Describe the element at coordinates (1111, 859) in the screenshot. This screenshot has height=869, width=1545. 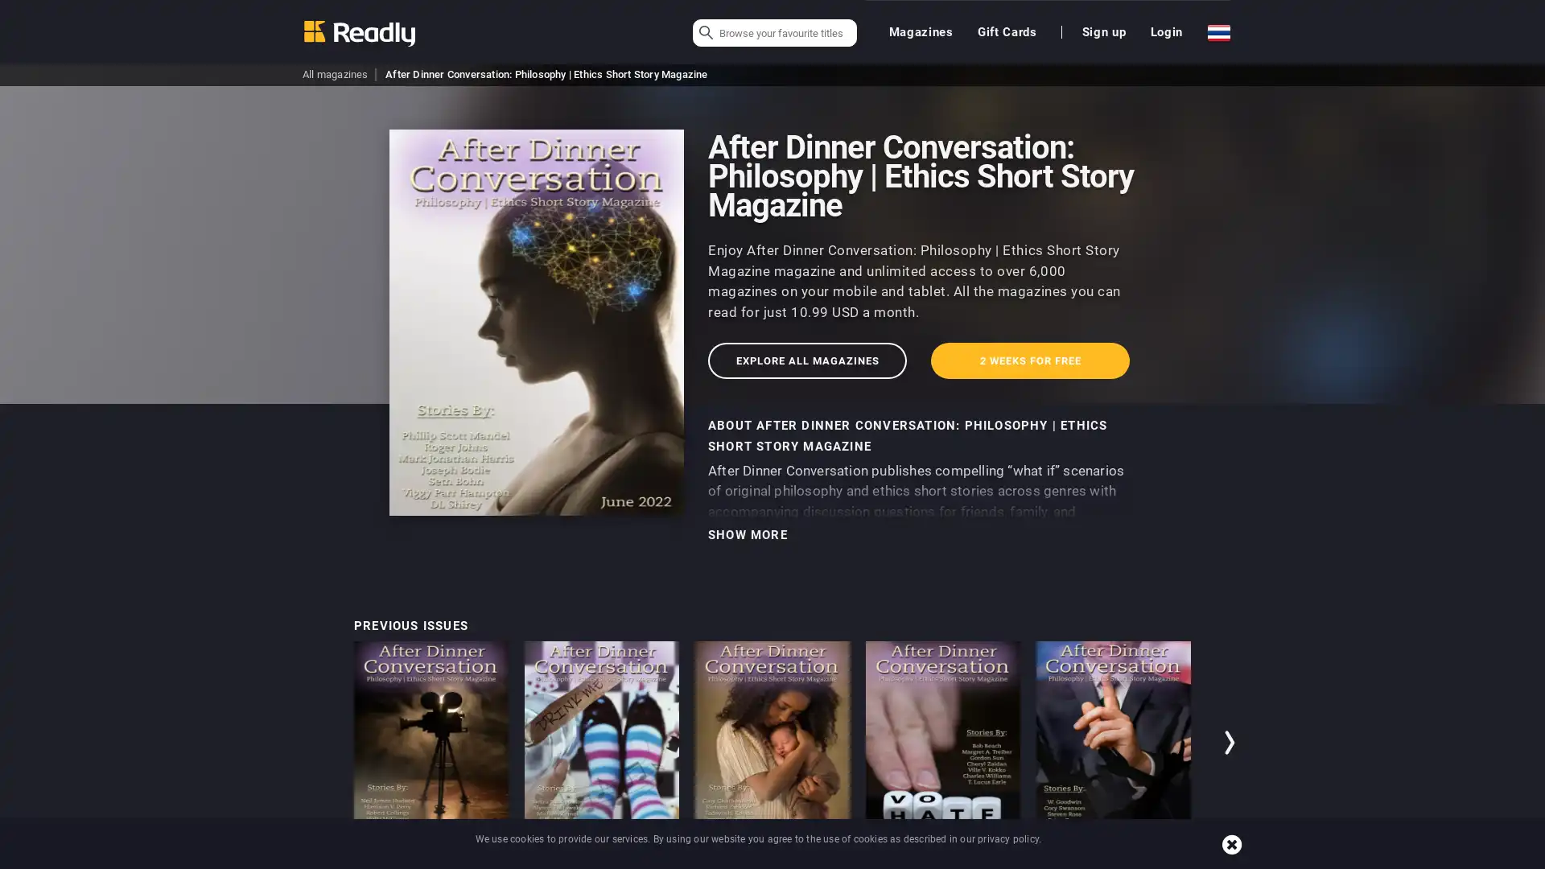
I see `2` at that location.